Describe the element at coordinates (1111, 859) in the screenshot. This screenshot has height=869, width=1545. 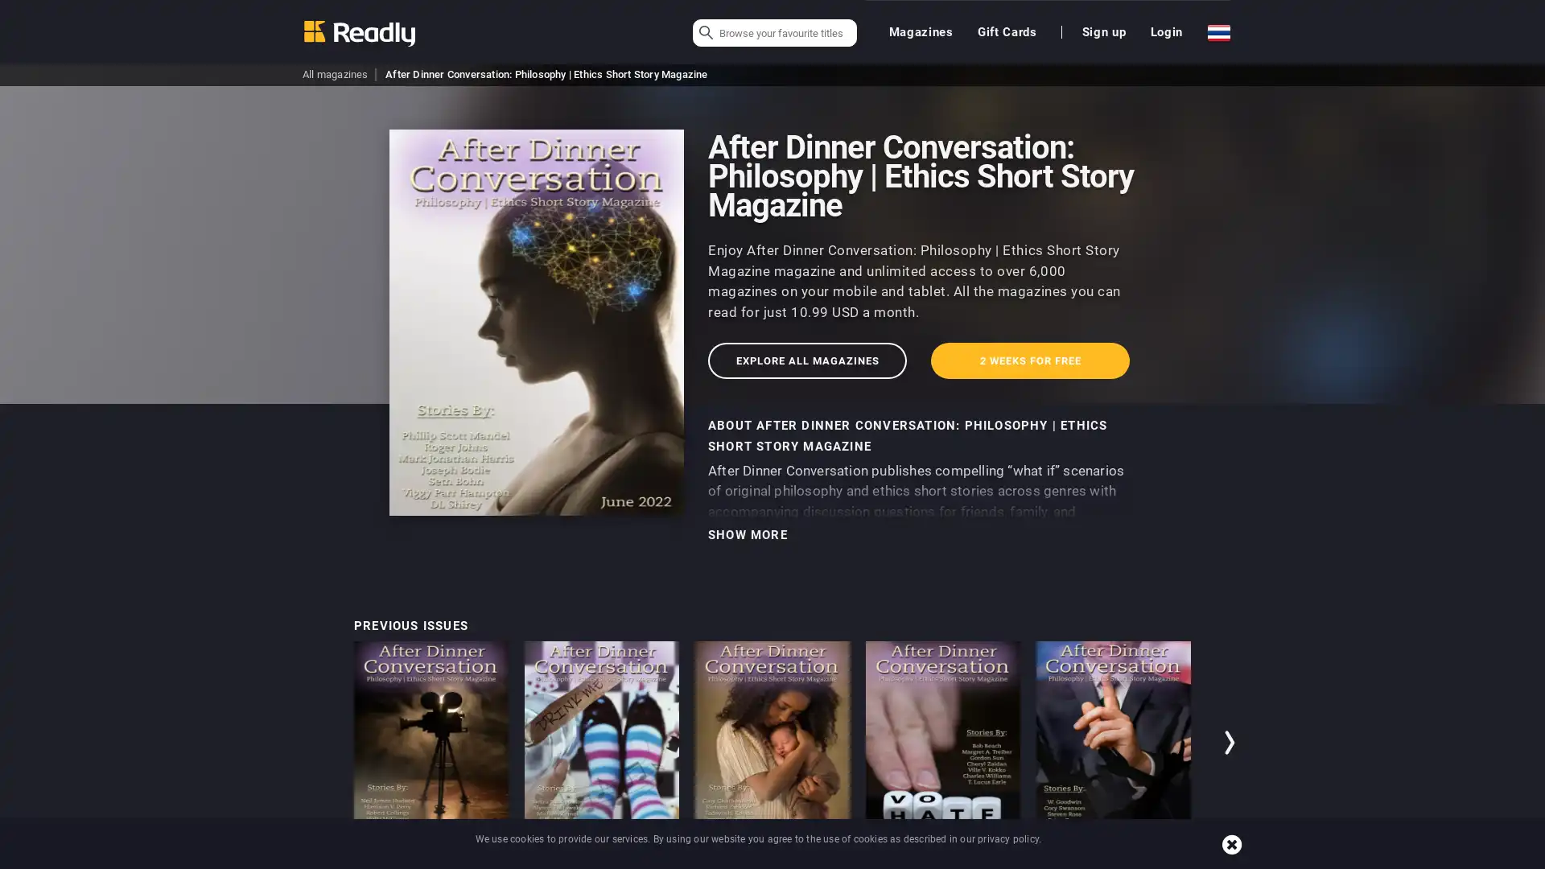
I see `2` at that location.